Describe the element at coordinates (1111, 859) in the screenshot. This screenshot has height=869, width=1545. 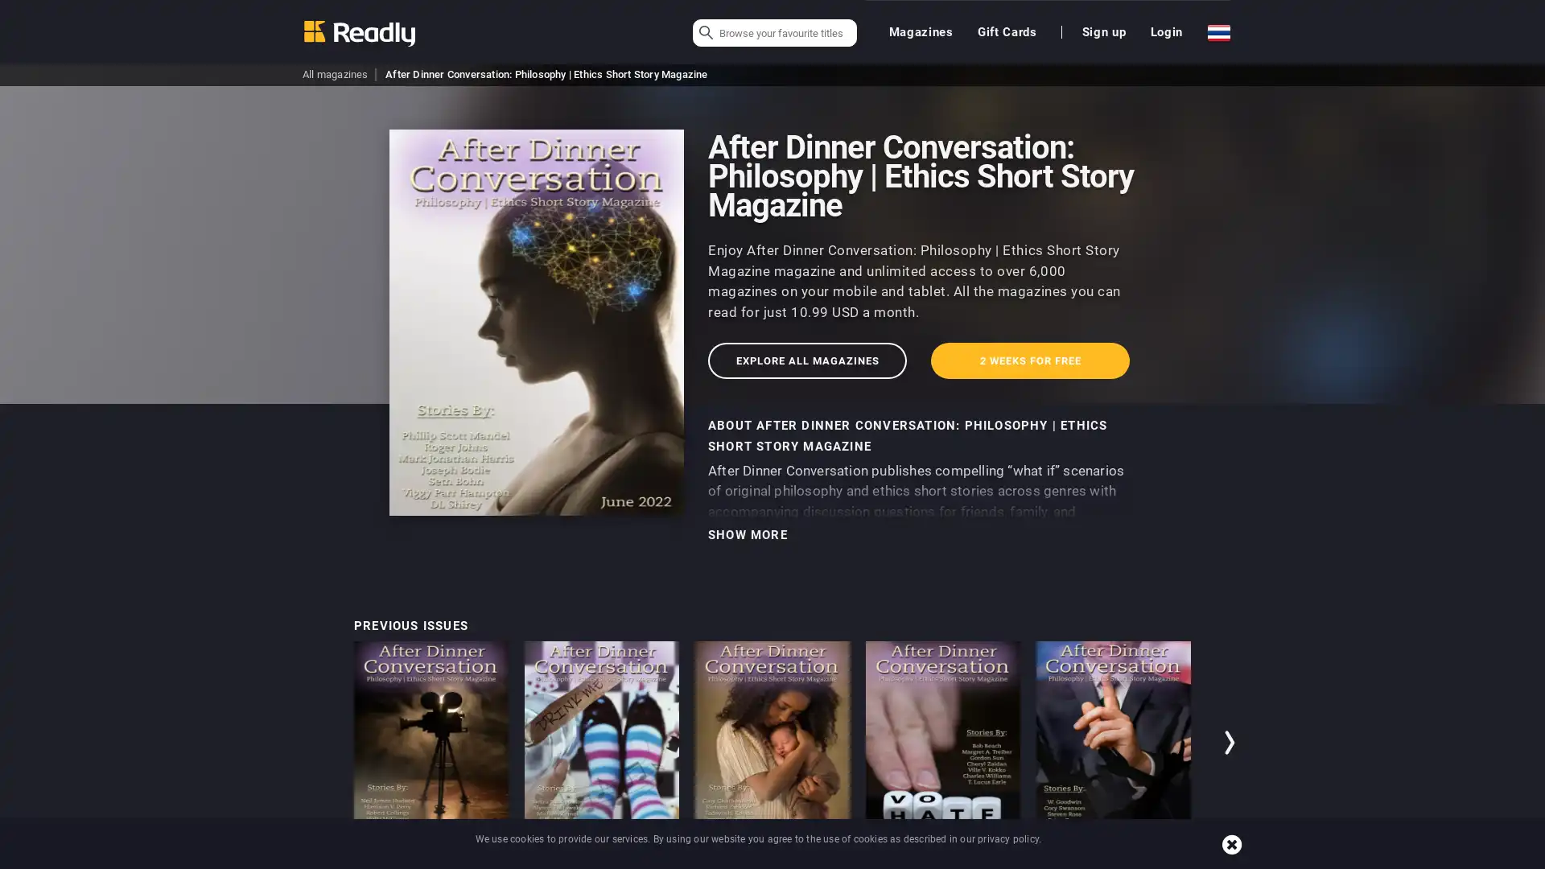
I see `2` at that location.